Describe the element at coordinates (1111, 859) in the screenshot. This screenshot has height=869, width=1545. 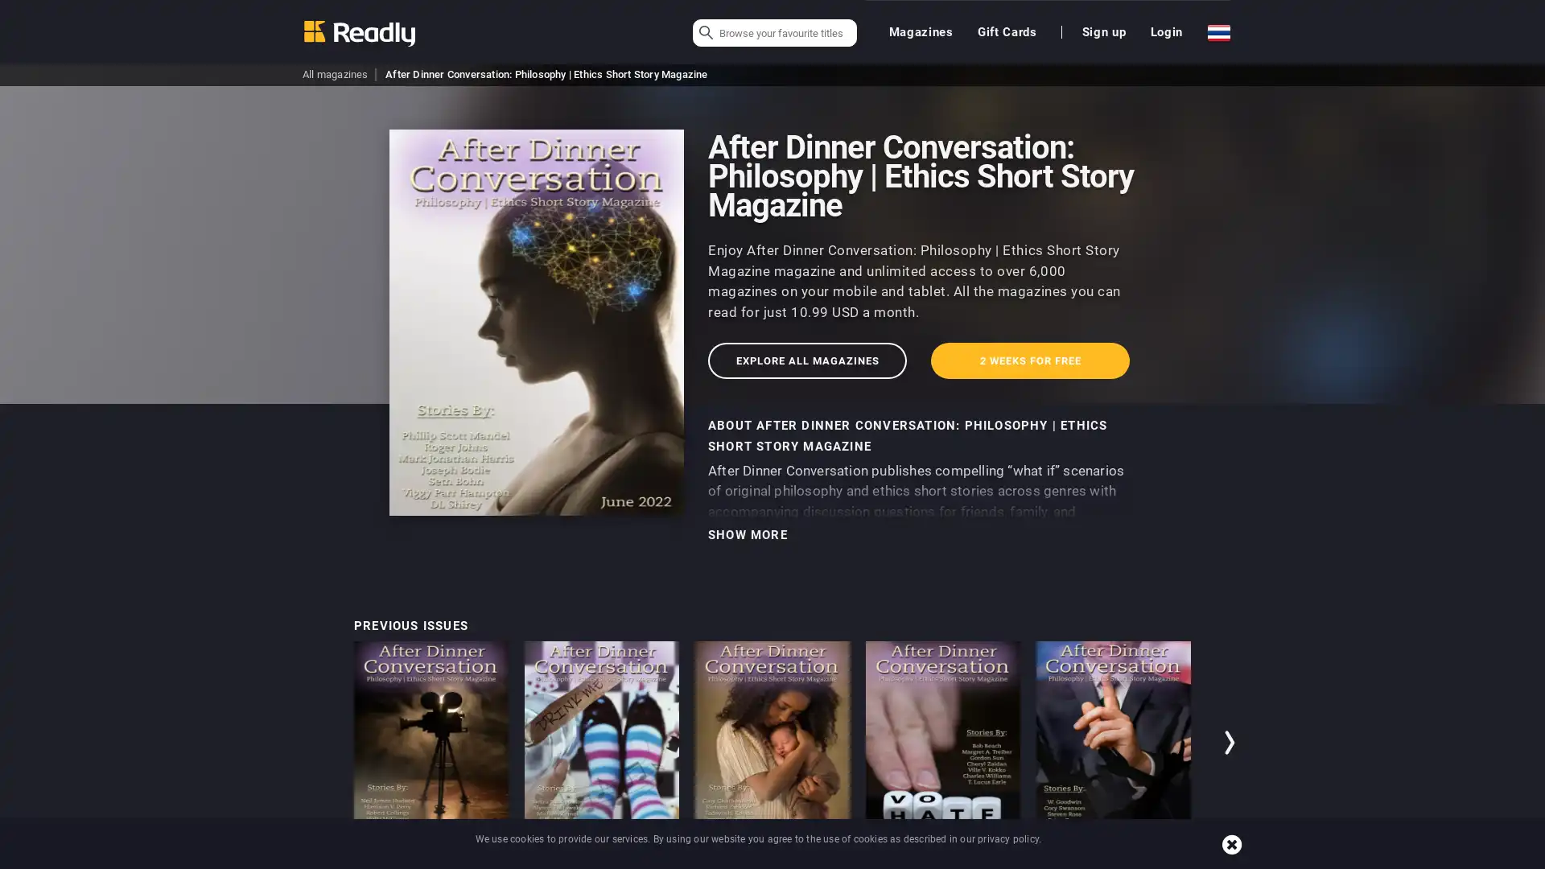
I see `2` at that location.